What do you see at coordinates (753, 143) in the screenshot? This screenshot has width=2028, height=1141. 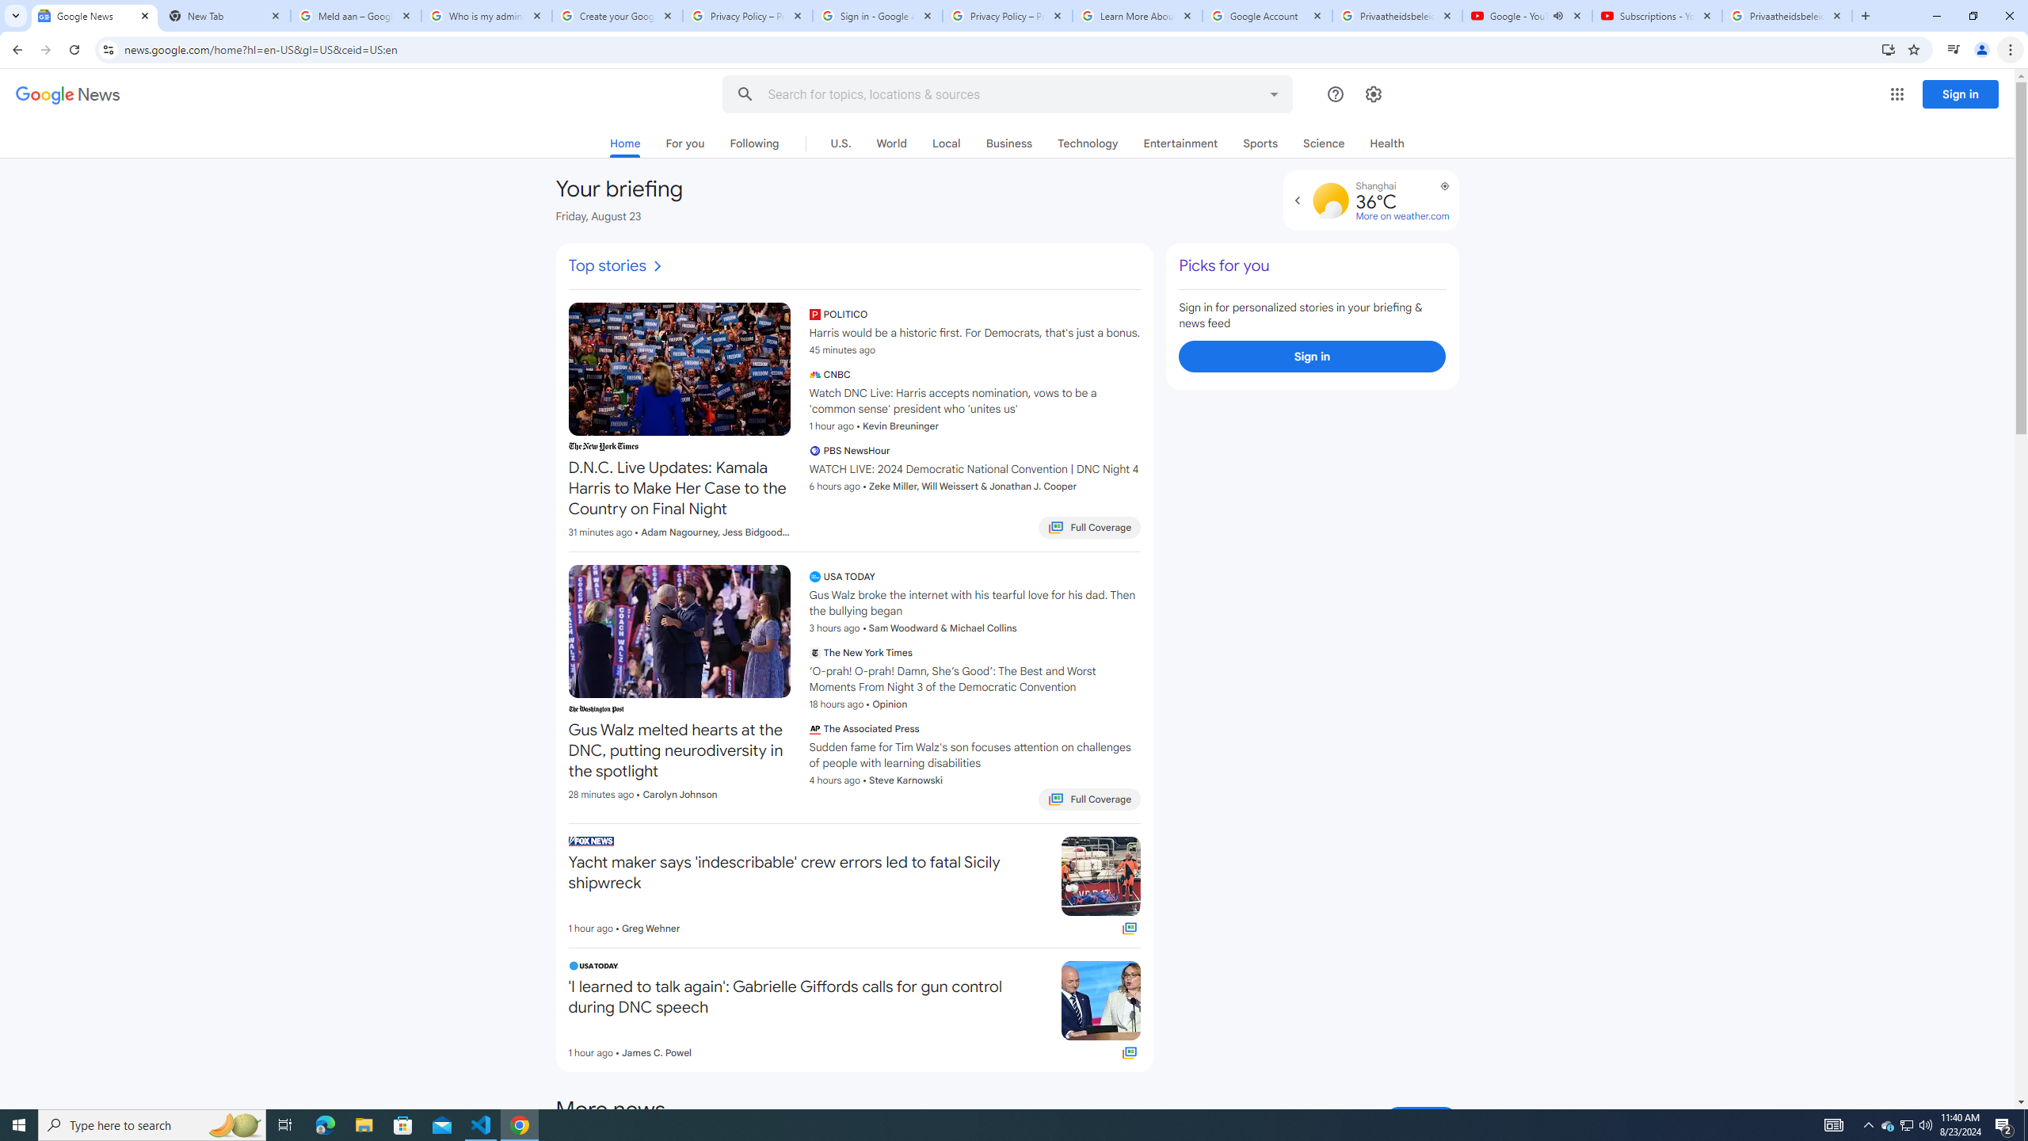 I see `'Following'` at bounding box center [753, 143].